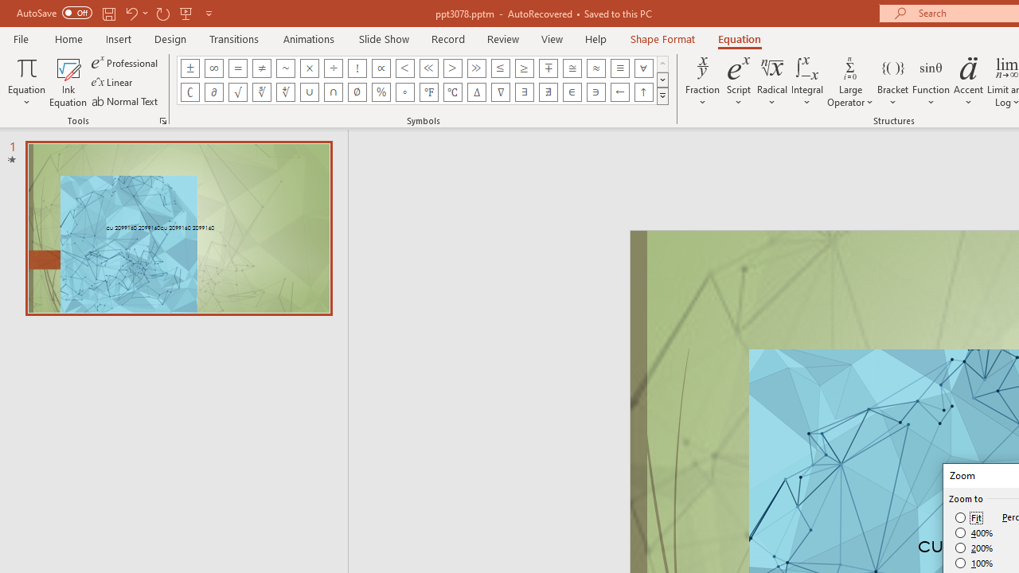  I want to click on 'Ink Equation', so click(68, 82).